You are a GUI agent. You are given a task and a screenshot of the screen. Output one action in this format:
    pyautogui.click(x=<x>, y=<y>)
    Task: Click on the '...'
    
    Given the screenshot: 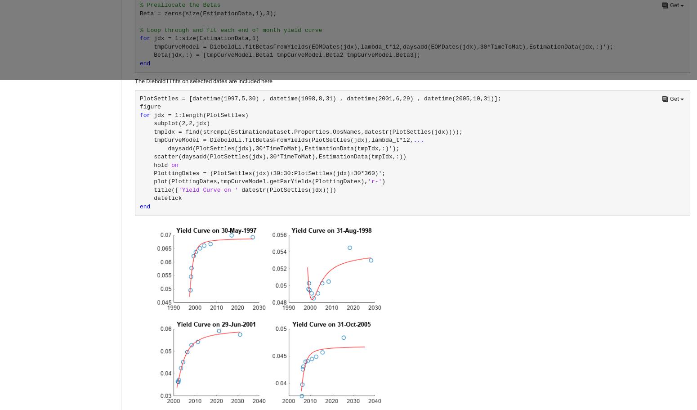 What is the action you would take?
    pyautogui.click(x=418, y=140)
    